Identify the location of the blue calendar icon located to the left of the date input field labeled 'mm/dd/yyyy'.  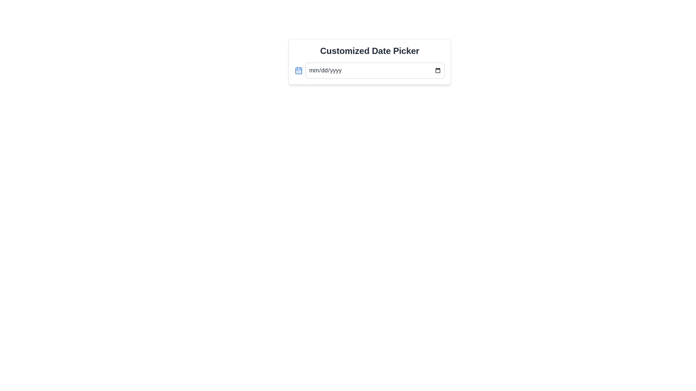
(299, 71).